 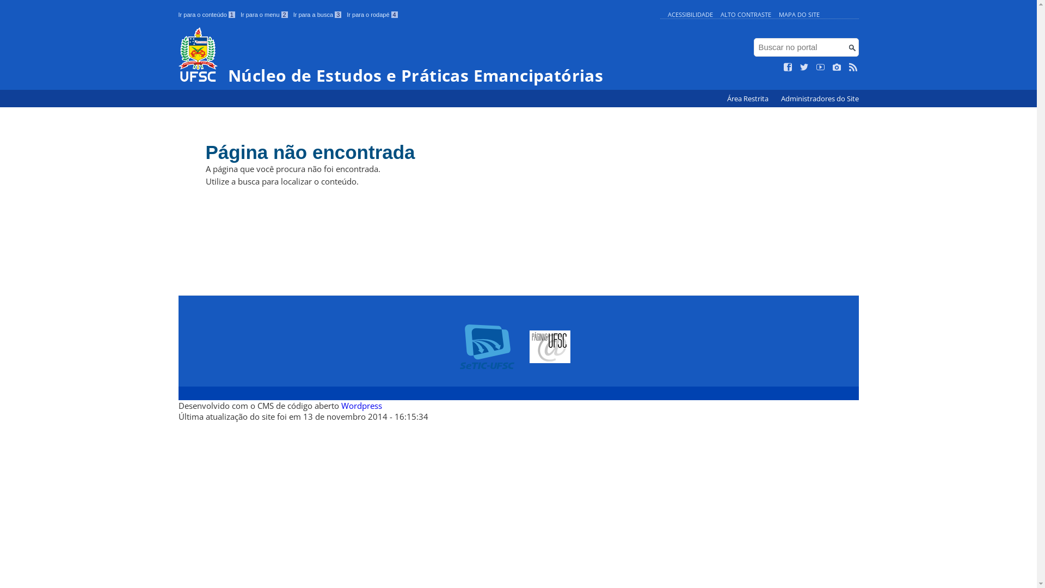 What do you see at coordinates (689, 14) in the screenshot?
I see `'ACESSIBILIDADE'` at bounding box center [689, 14].